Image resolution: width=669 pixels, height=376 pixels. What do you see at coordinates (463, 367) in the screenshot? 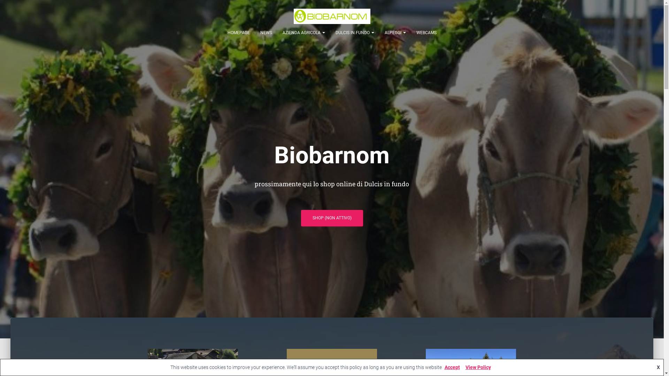
I see `'View Policy'` at bounding box center [463, 367].